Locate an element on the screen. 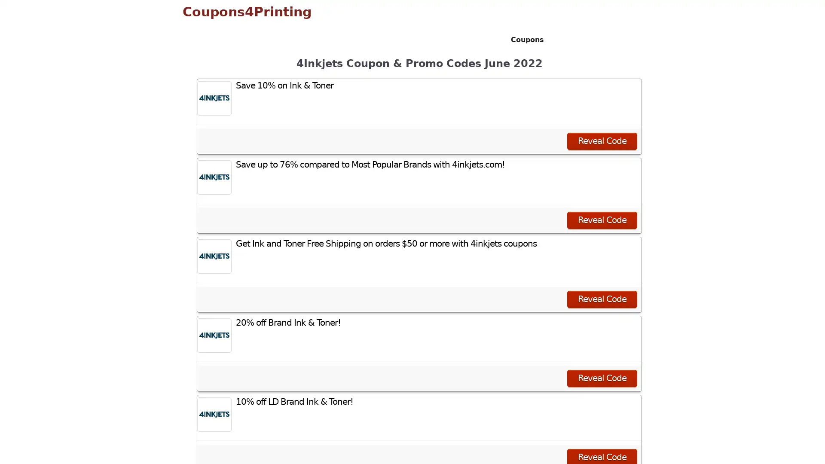 The width and height of the screenshot is (825, 464). Reveal Code is located at coordinates (602, 220).